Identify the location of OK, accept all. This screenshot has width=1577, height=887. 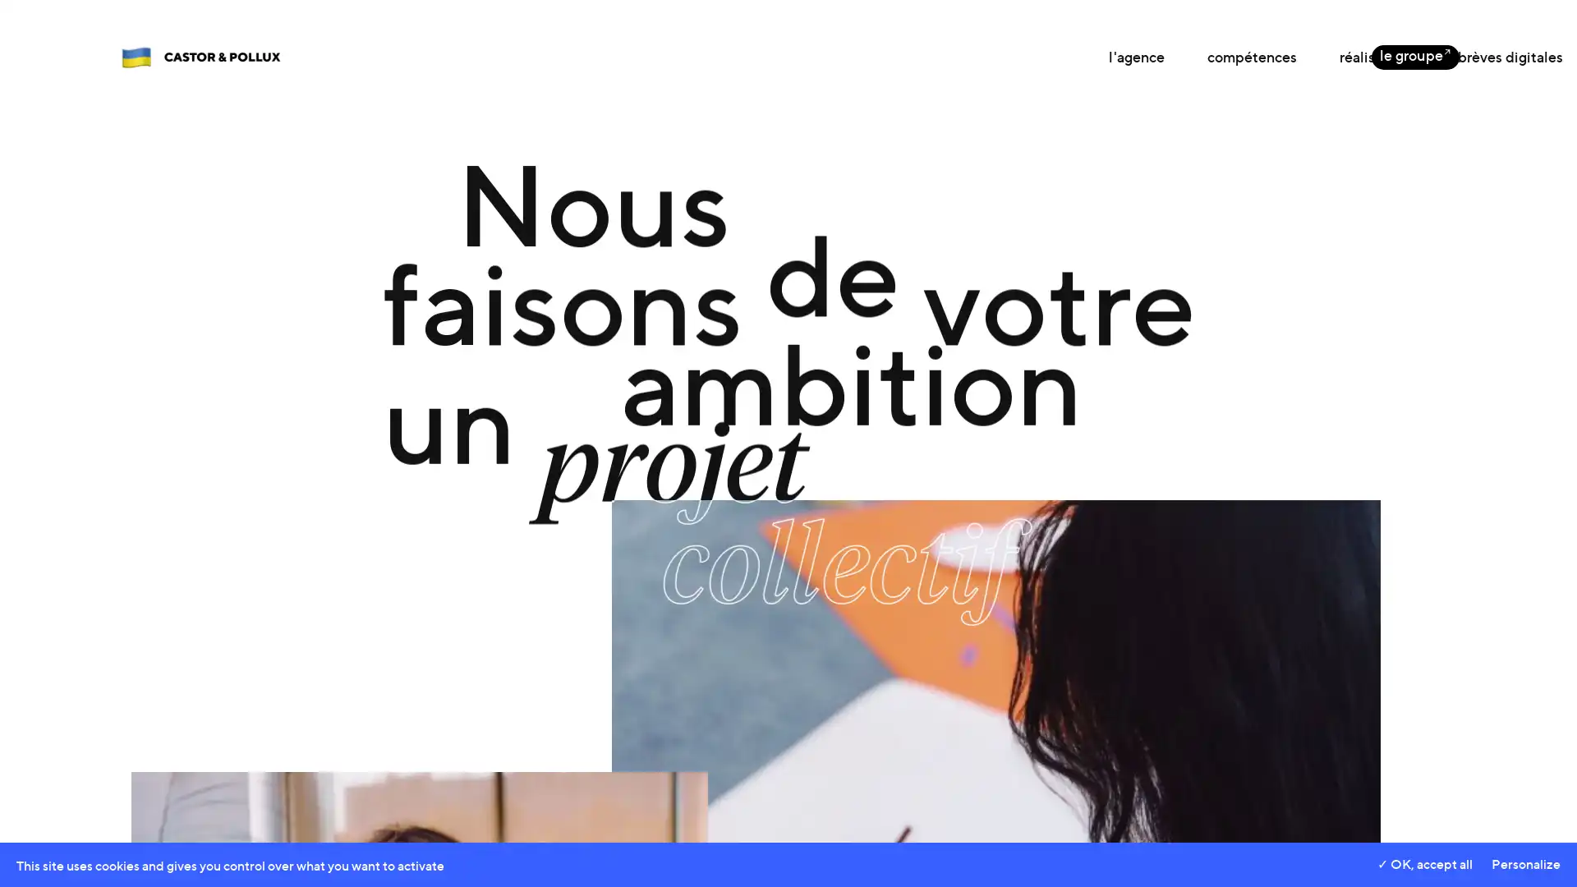
(1423, 862).